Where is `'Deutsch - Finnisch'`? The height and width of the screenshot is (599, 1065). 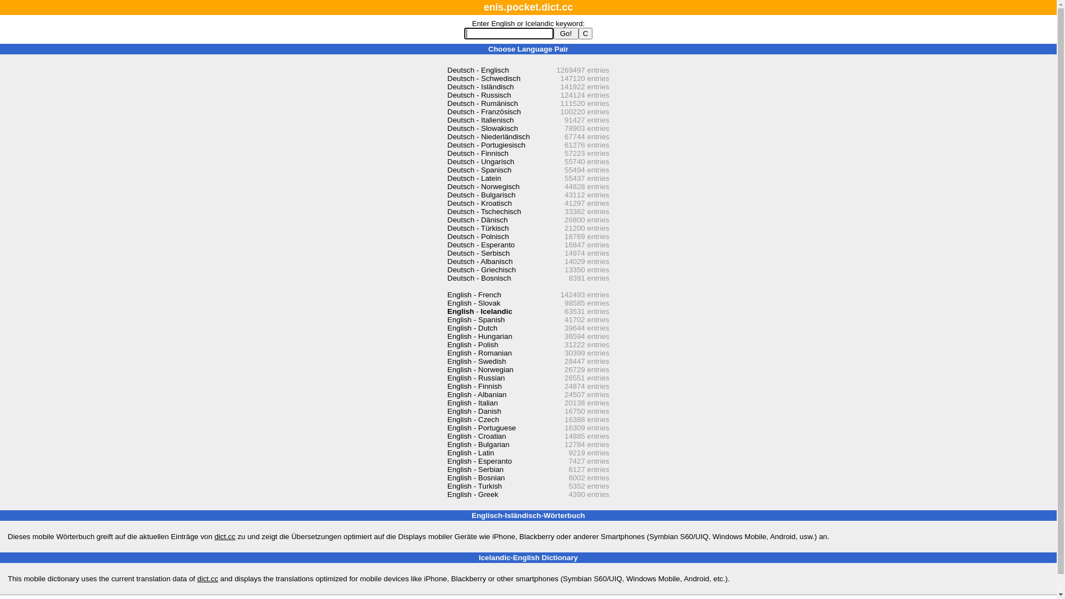
'Deutsch - Finnisch' is located at coordinates (477, 153).